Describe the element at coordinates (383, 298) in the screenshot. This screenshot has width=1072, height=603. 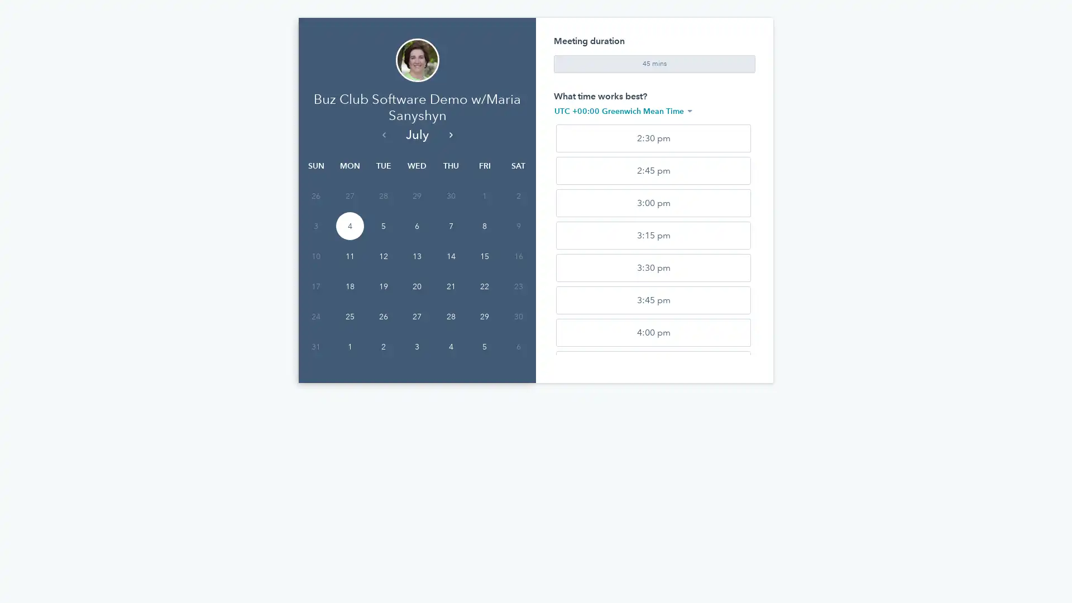
I see `July 12th` at that location.